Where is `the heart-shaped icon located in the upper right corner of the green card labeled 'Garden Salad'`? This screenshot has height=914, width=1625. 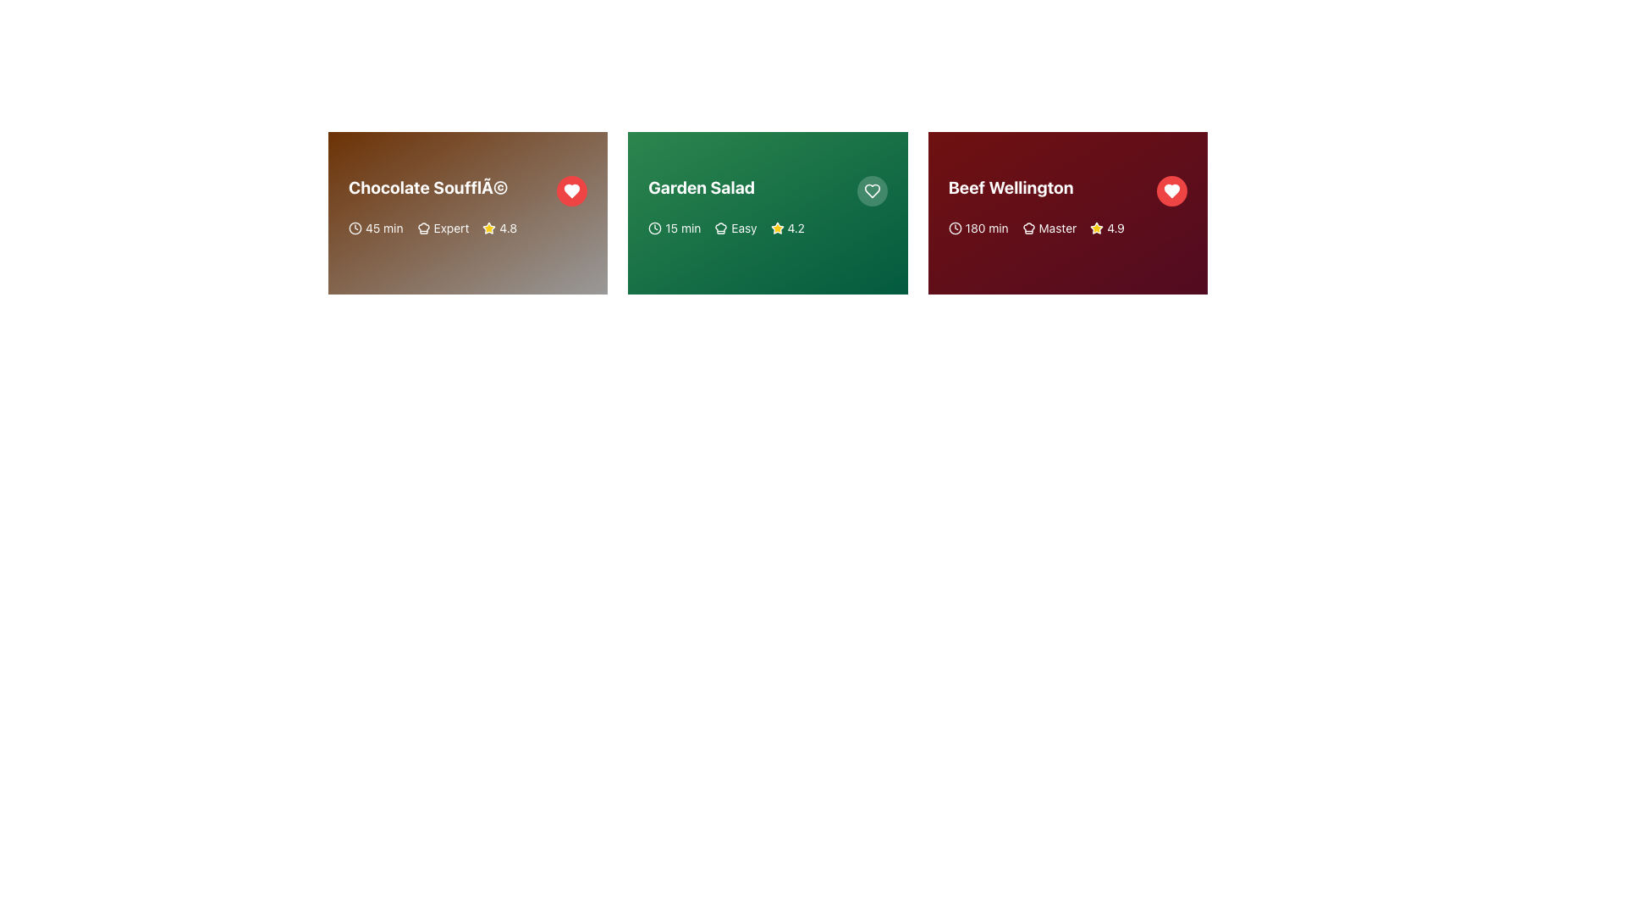 the heart-shaped icon located in the upper right corner of the green card labeled 'Garden Salad' is located at coordinates (872, 190).